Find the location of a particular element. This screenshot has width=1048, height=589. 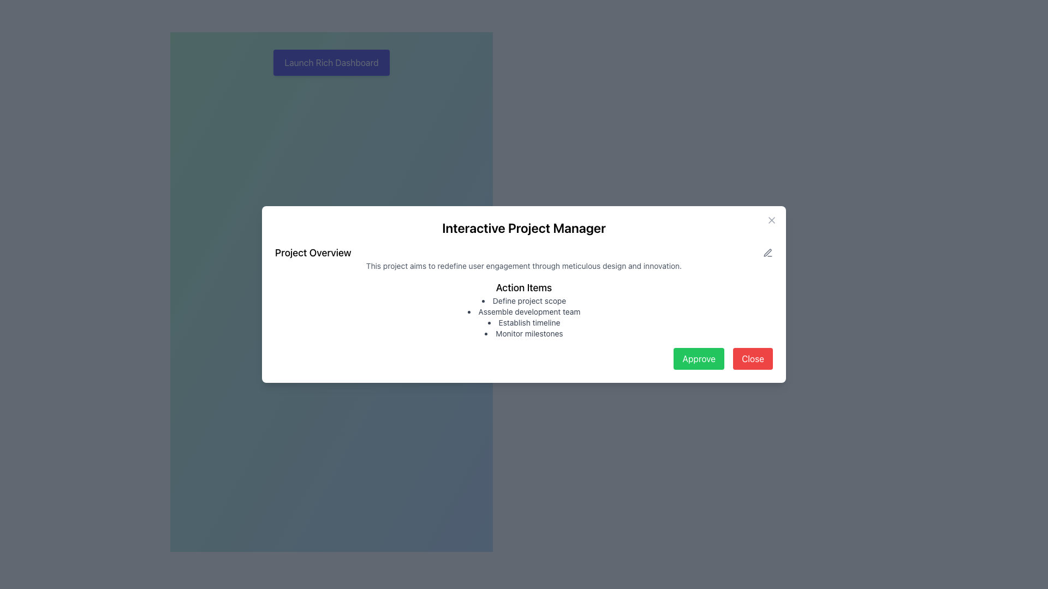

the 'Approve' button located on the right side of the modal dialog box, to finalize or accept the current task is located at coordinates (699, 359).